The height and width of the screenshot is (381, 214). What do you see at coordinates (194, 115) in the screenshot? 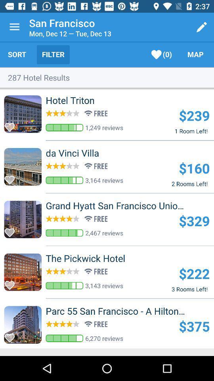
I see `the $239 item` at bounding box center [194, 115].